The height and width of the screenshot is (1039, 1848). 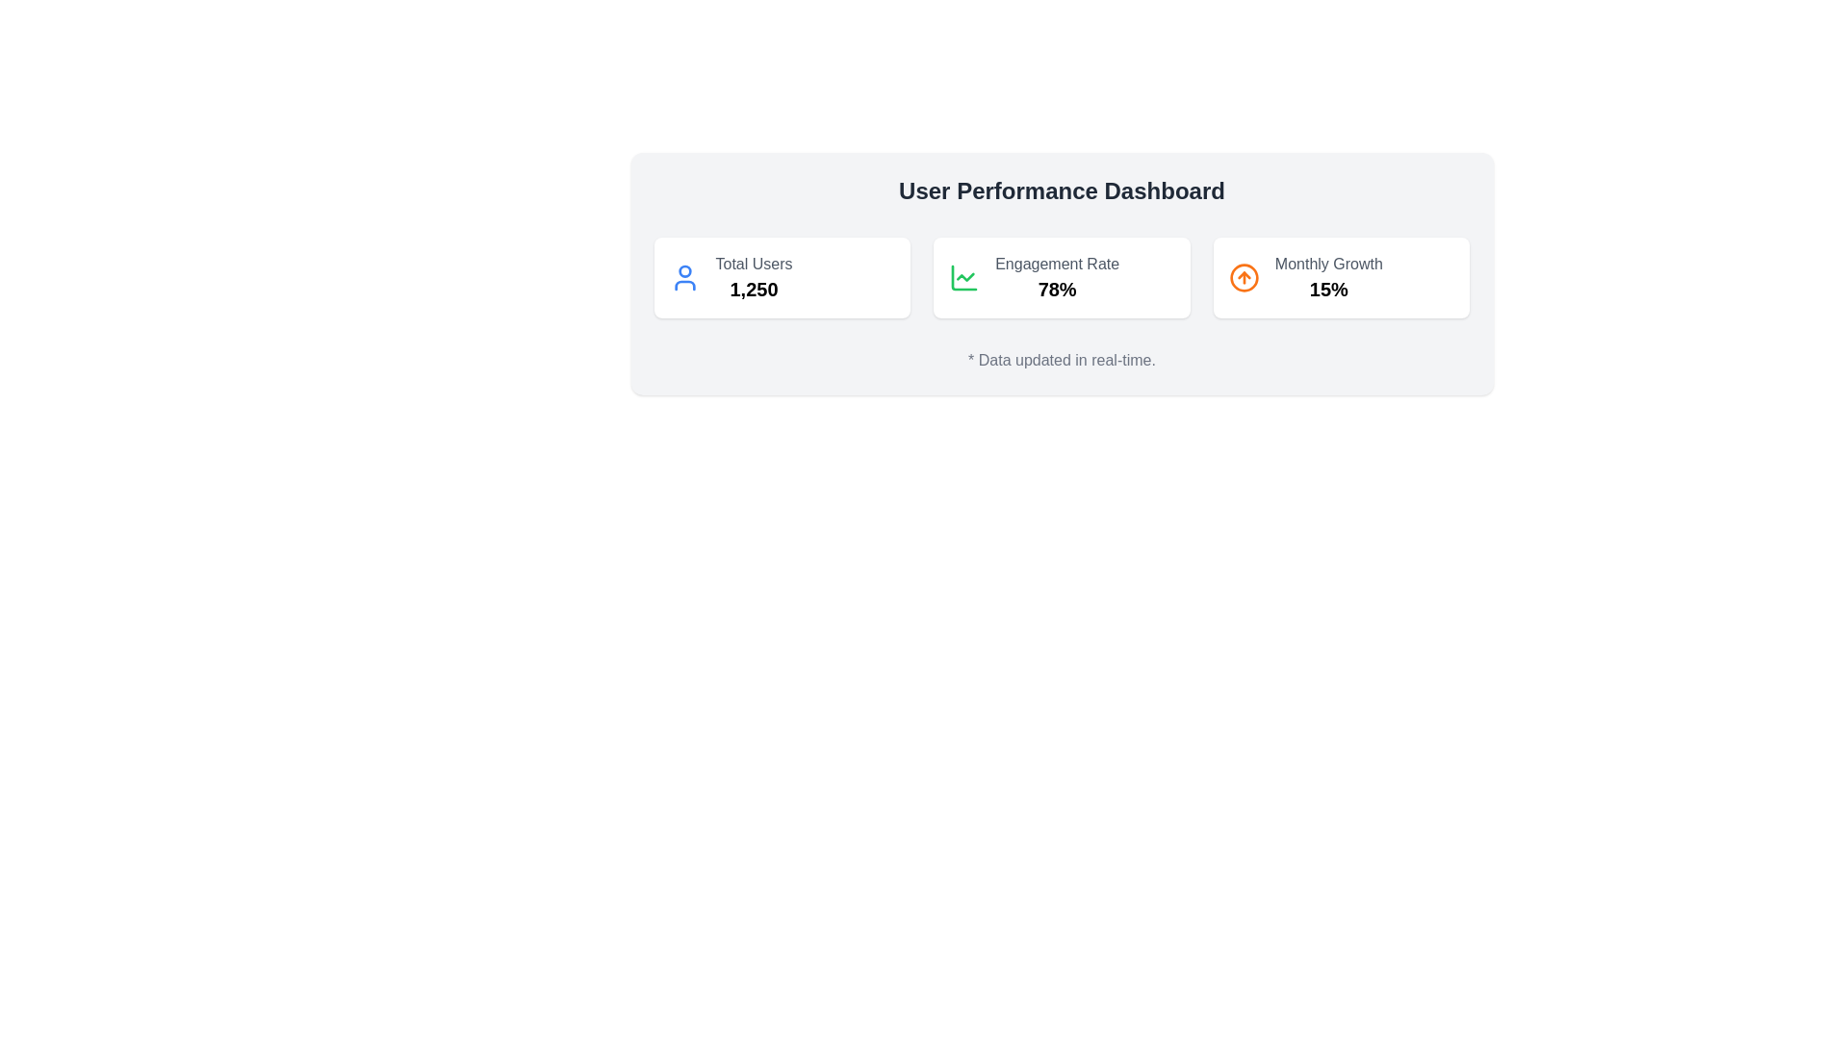 I want to click on growth percentage (15%) displayed in the textual data display located at the top-right of the dashboard card with an orange circular icon and upward arrow, so click(x=1327, y=278).